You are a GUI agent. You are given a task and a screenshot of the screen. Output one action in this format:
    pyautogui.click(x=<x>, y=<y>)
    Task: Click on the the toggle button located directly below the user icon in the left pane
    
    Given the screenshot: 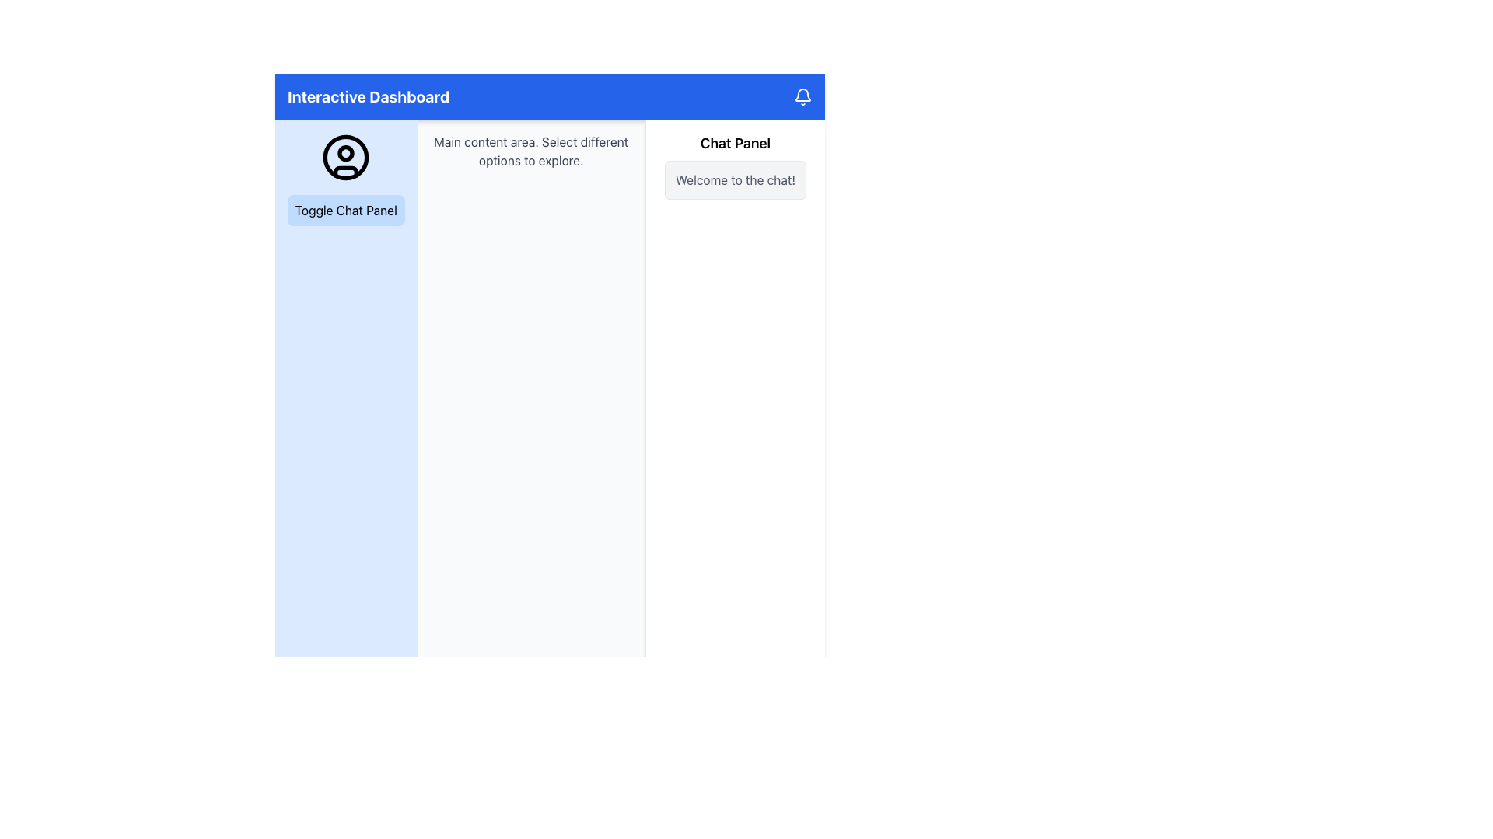 What is the action you would take?
    pyautogui.click(x=345, y=210)
    